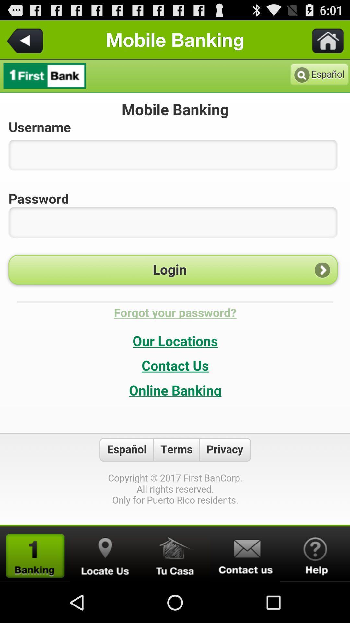 The height and width of the screenshot is (623, 350). What do you see at coordinates (315, 554) in the screenshot?
I see `open help` at bounding box center [315, 554].